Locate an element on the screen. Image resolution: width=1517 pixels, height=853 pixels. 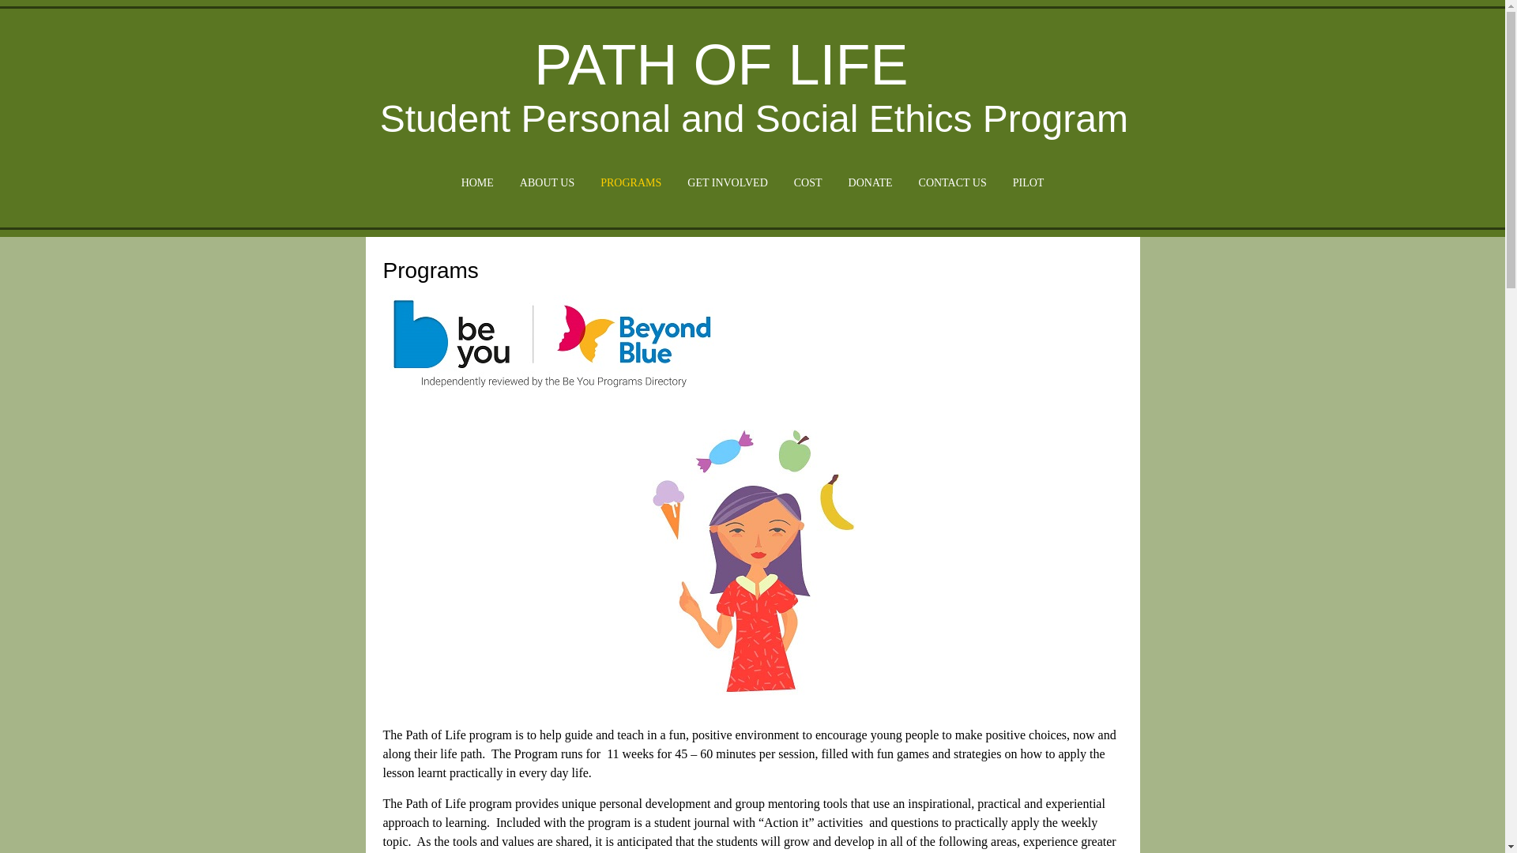
'CONTACT US' is located at coordinates (951, 182).